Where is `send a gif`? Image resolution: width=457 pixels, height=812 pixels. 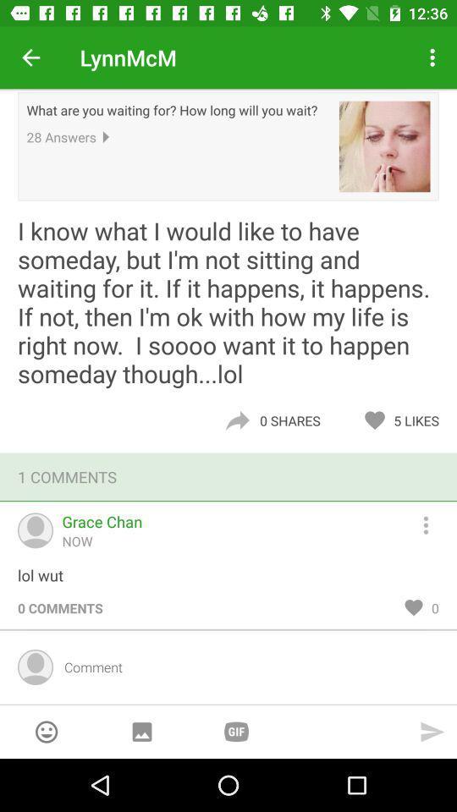
send a gif is located at coordinates (235, 731).